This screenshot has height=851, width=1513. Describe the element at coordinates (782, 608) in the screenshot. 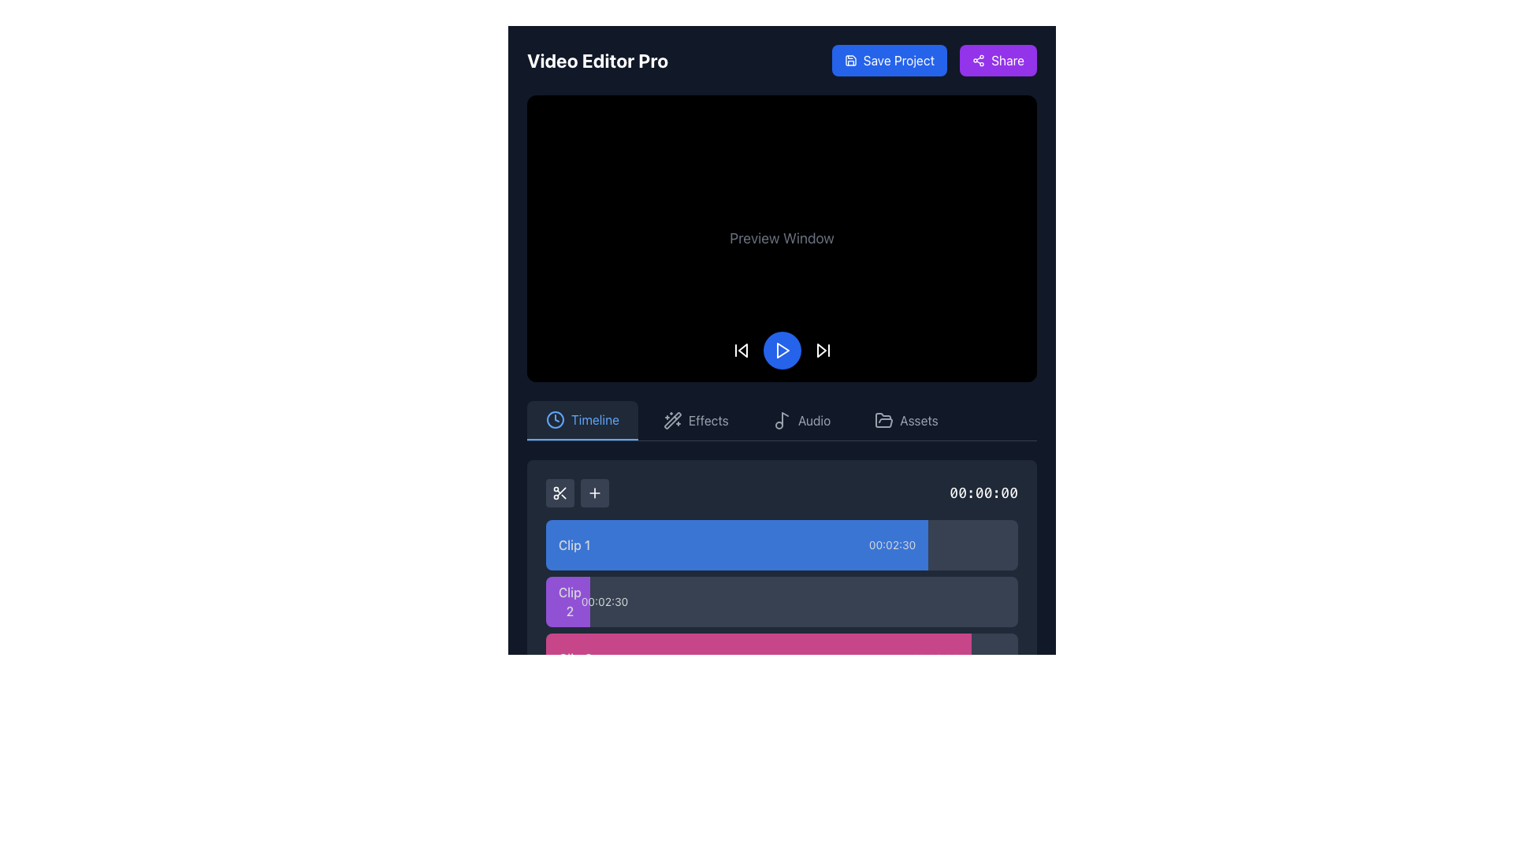

I see `the second timeline clip item labeled 'Clip 2'` at that location.